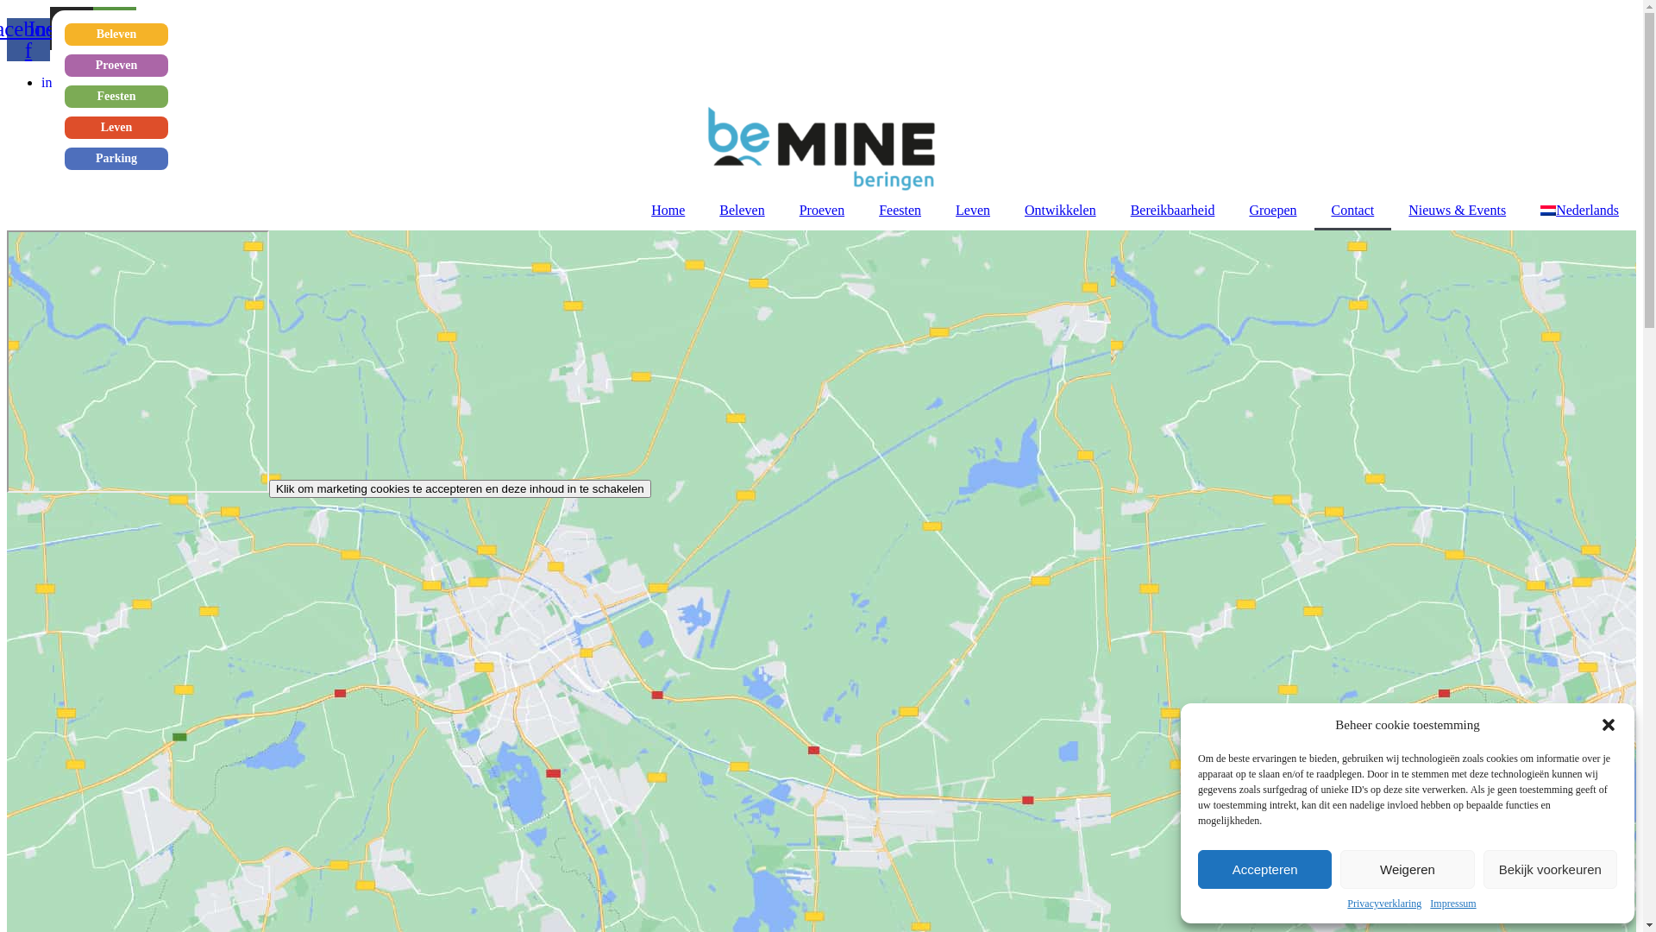 Image resolution: width=1656 pixels, height=932 pixels. I want to click on 'Accepteren', so click(1196, 869).